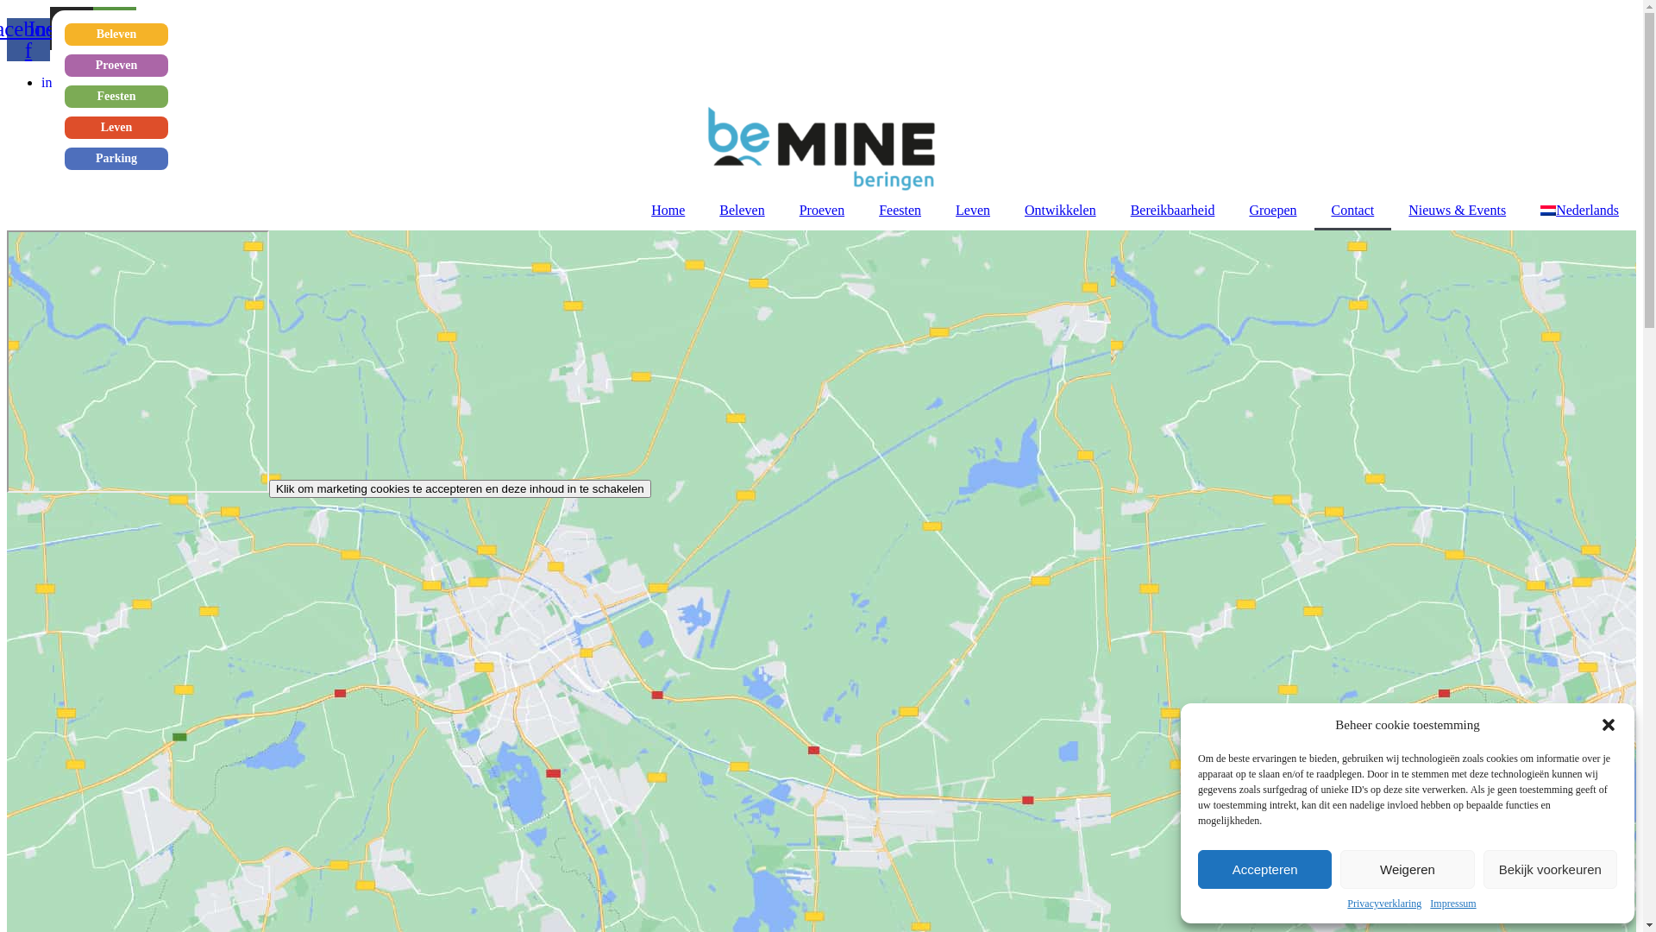 Image resolution: width=1656 pixels, height=932 pixels. I want to click on 'Accepteren', so click(1196, 869).